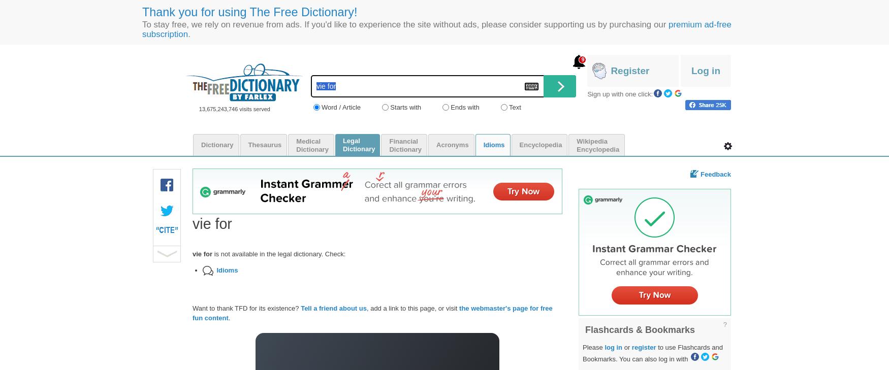 The height and width of the screenshot is (370, 889). What do you see at coordinates (580, 58) in the screenshot?
I see `'9'` at bounding box center [580, 58].